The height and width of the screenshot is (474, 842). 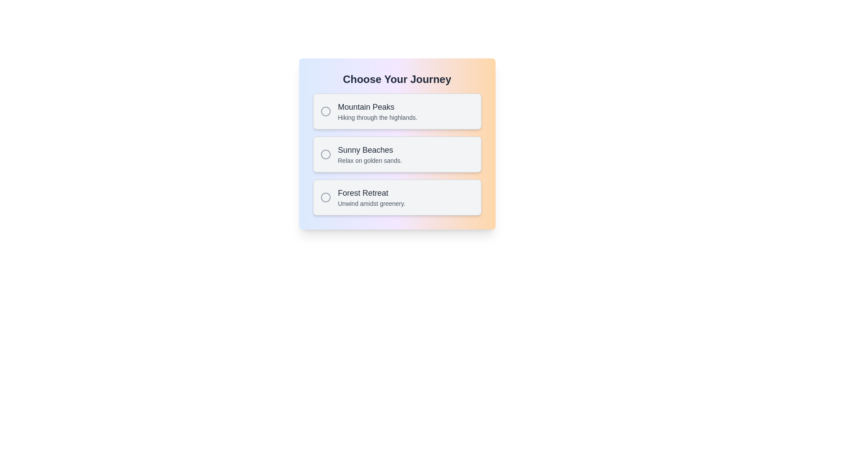 I want to click on the radio button associated with the 'Mountain Peaks' option, so click(x=325, y=111).